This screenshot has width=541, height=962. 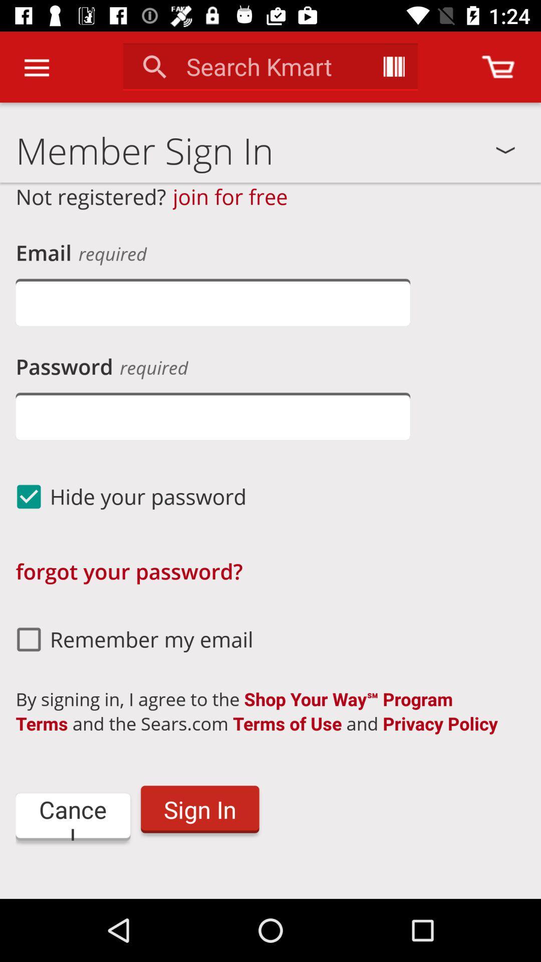 What do you see at coordinates (212, 302) in the screenshot?
I see `the item above password` at bounding box center [212, 302].